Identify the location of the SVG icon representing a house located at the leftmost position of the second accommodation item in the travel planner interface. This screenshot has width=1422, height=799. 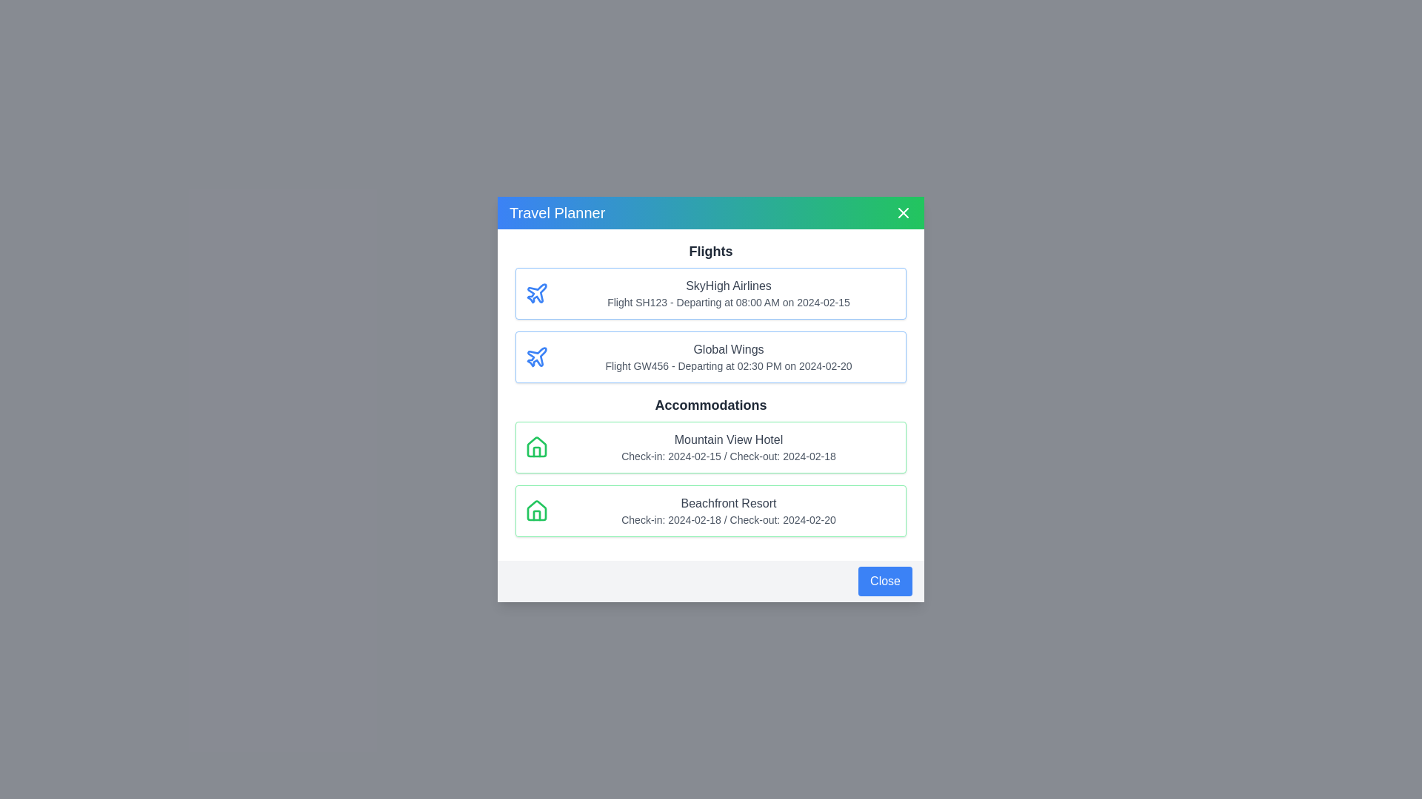
(535, 510).